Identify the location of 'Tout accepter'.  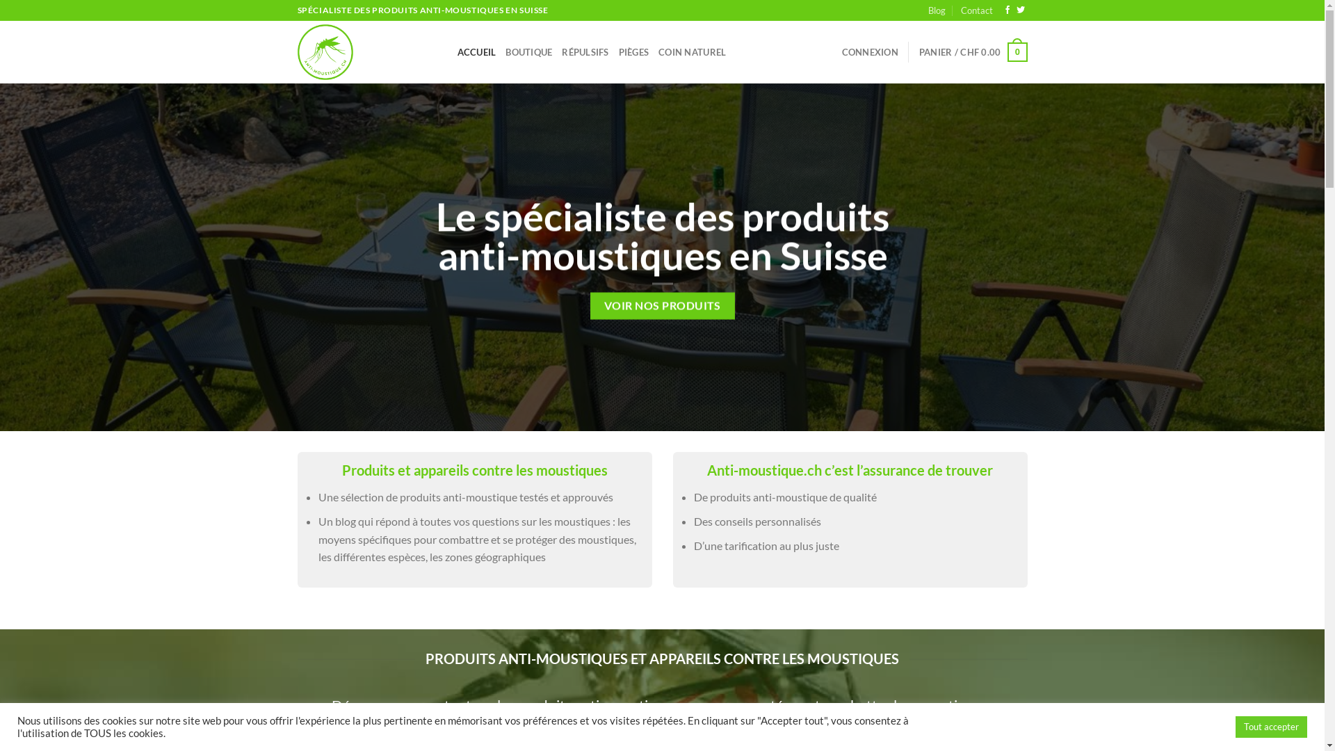
(1271, 726).